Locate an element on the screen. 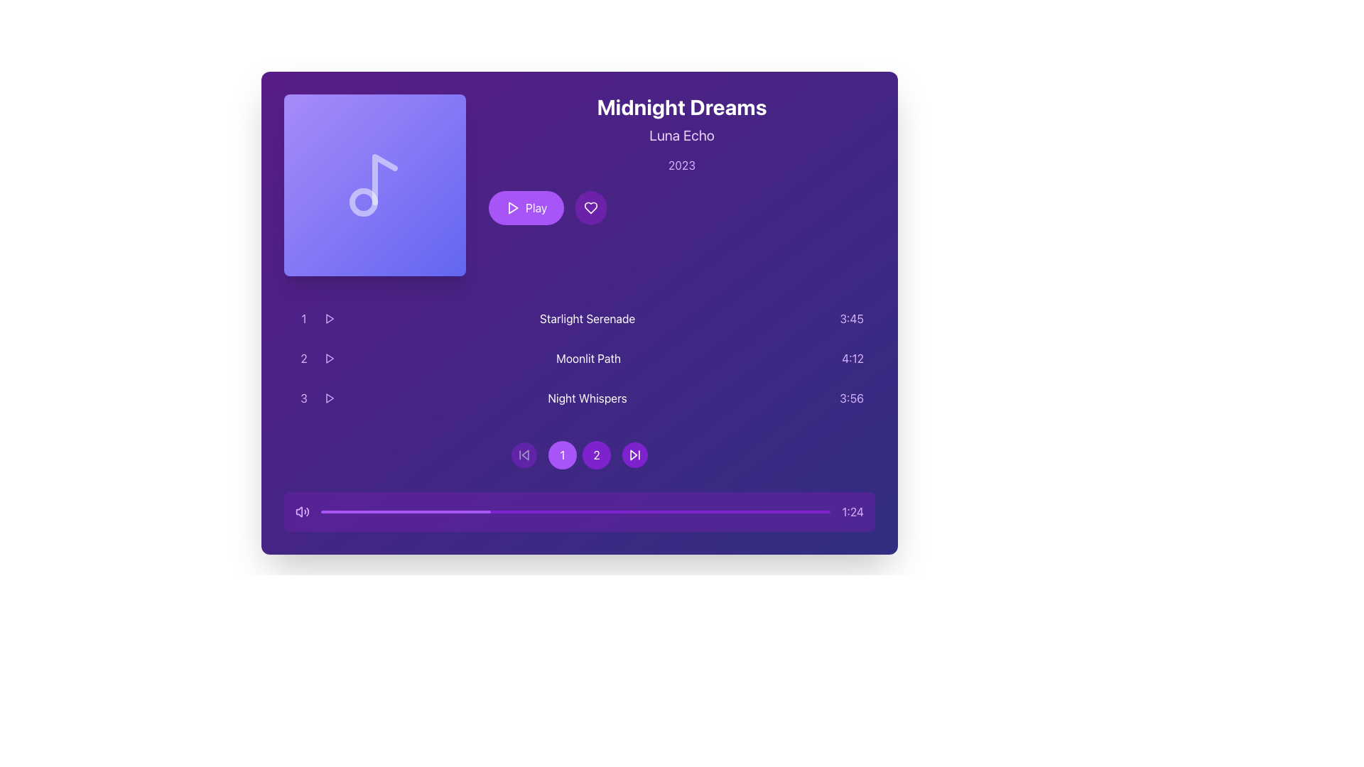  the progress is located at coordinates (484, 512).